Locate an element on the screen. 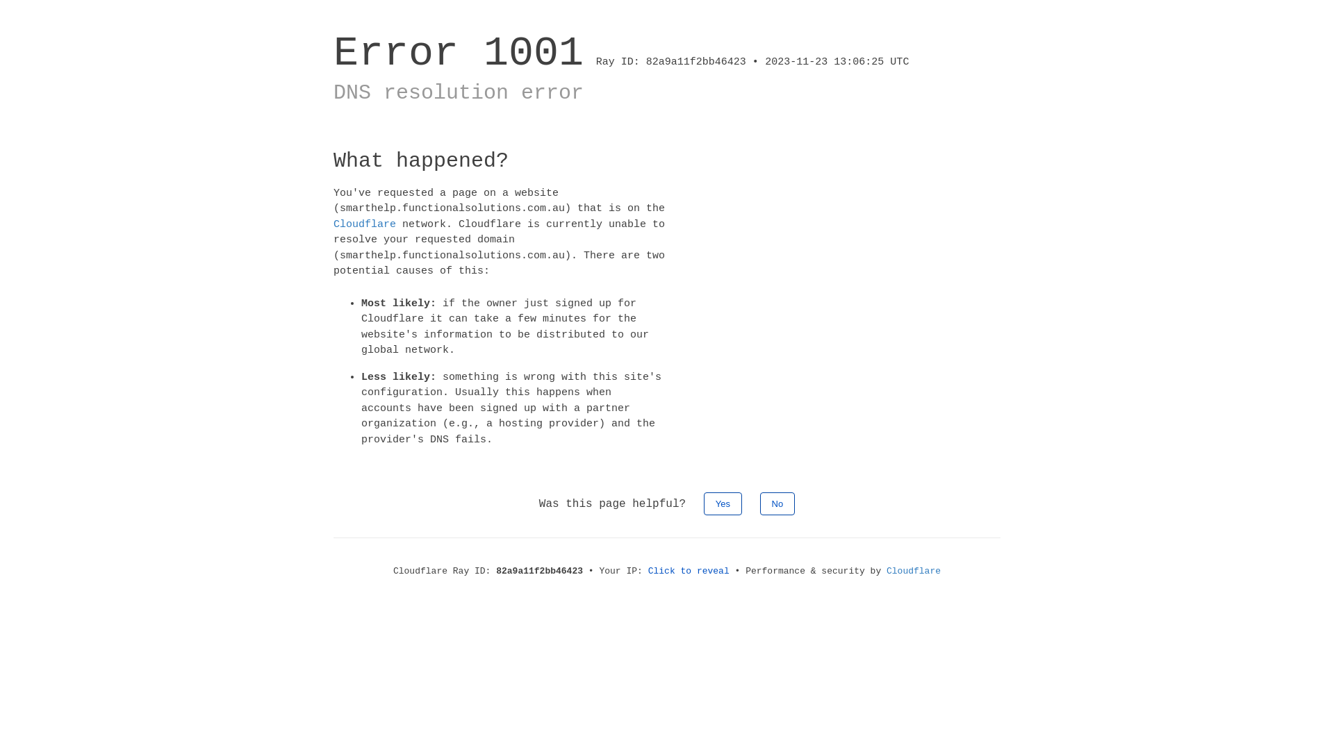 Image resolution: width=1334 pixels, height=750 pixels. 'Cloudflare' is located at coordinates (364, 223).